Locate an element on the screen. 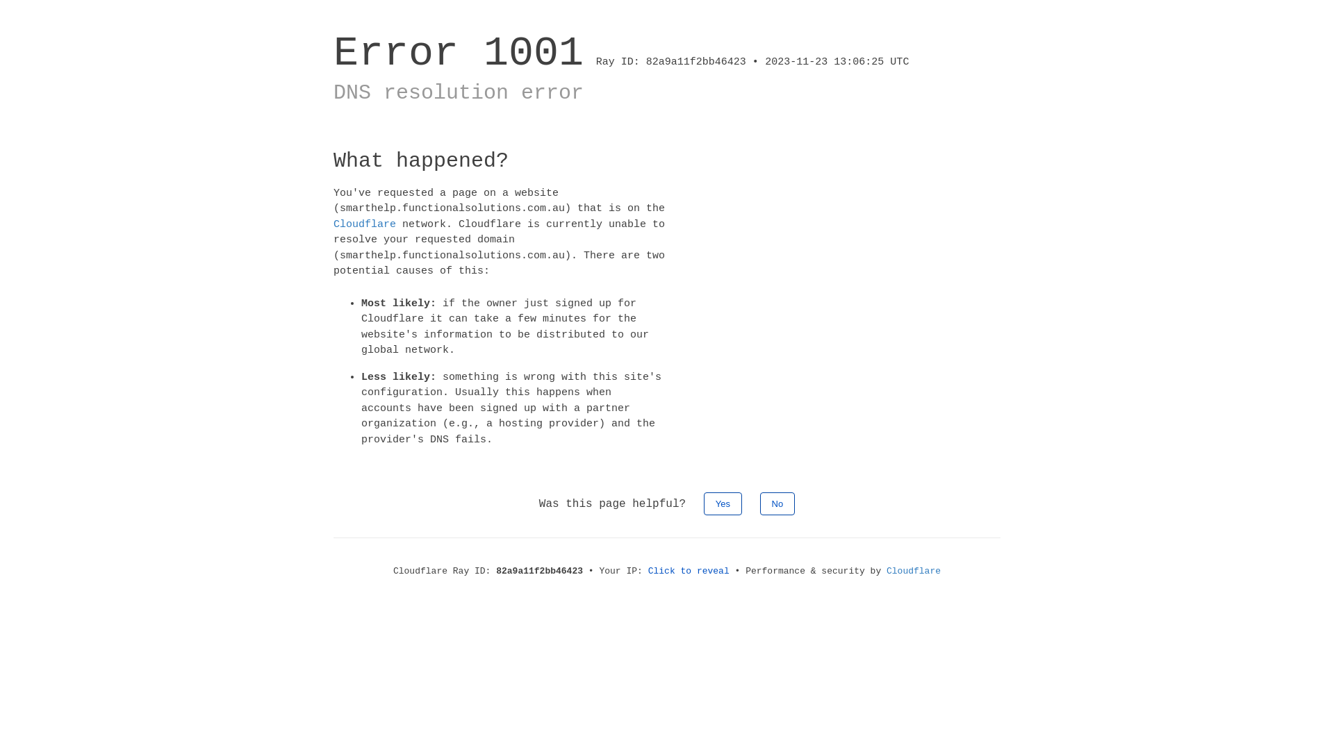 Image resolution: width=1334 pixels, height=750 pixels. 'Cloudflare' is located at coordinates (364, 223).